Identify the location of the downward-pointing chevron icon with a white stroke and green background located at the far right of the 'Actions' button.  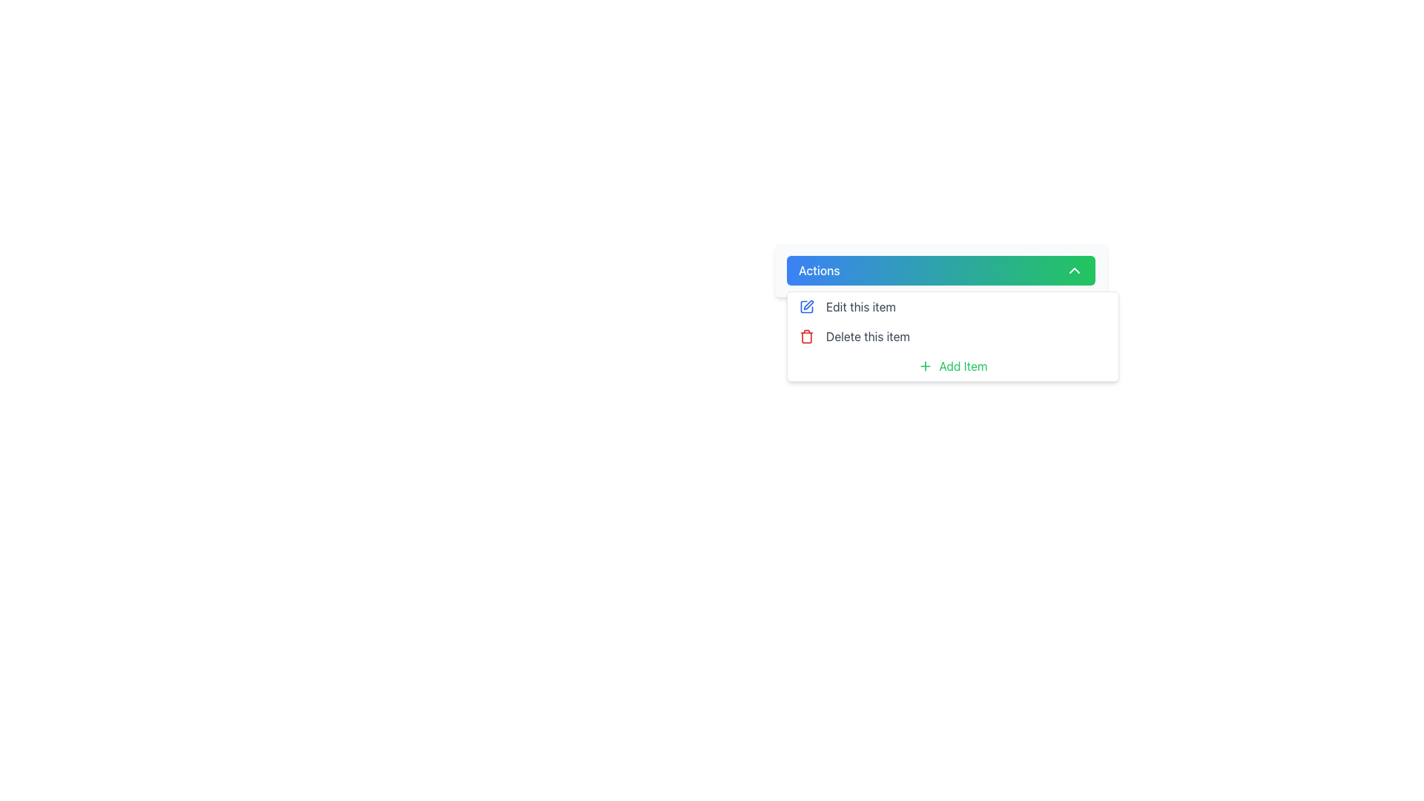
(1075, 271).